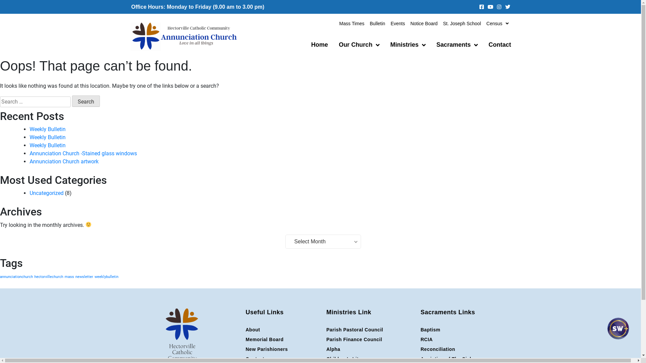 The width and height of the screenshot is (646, 363). What do you see at coordinates (500, 45) in the screenshot?
I see `'Contact'` at bounding box center [500, 45].